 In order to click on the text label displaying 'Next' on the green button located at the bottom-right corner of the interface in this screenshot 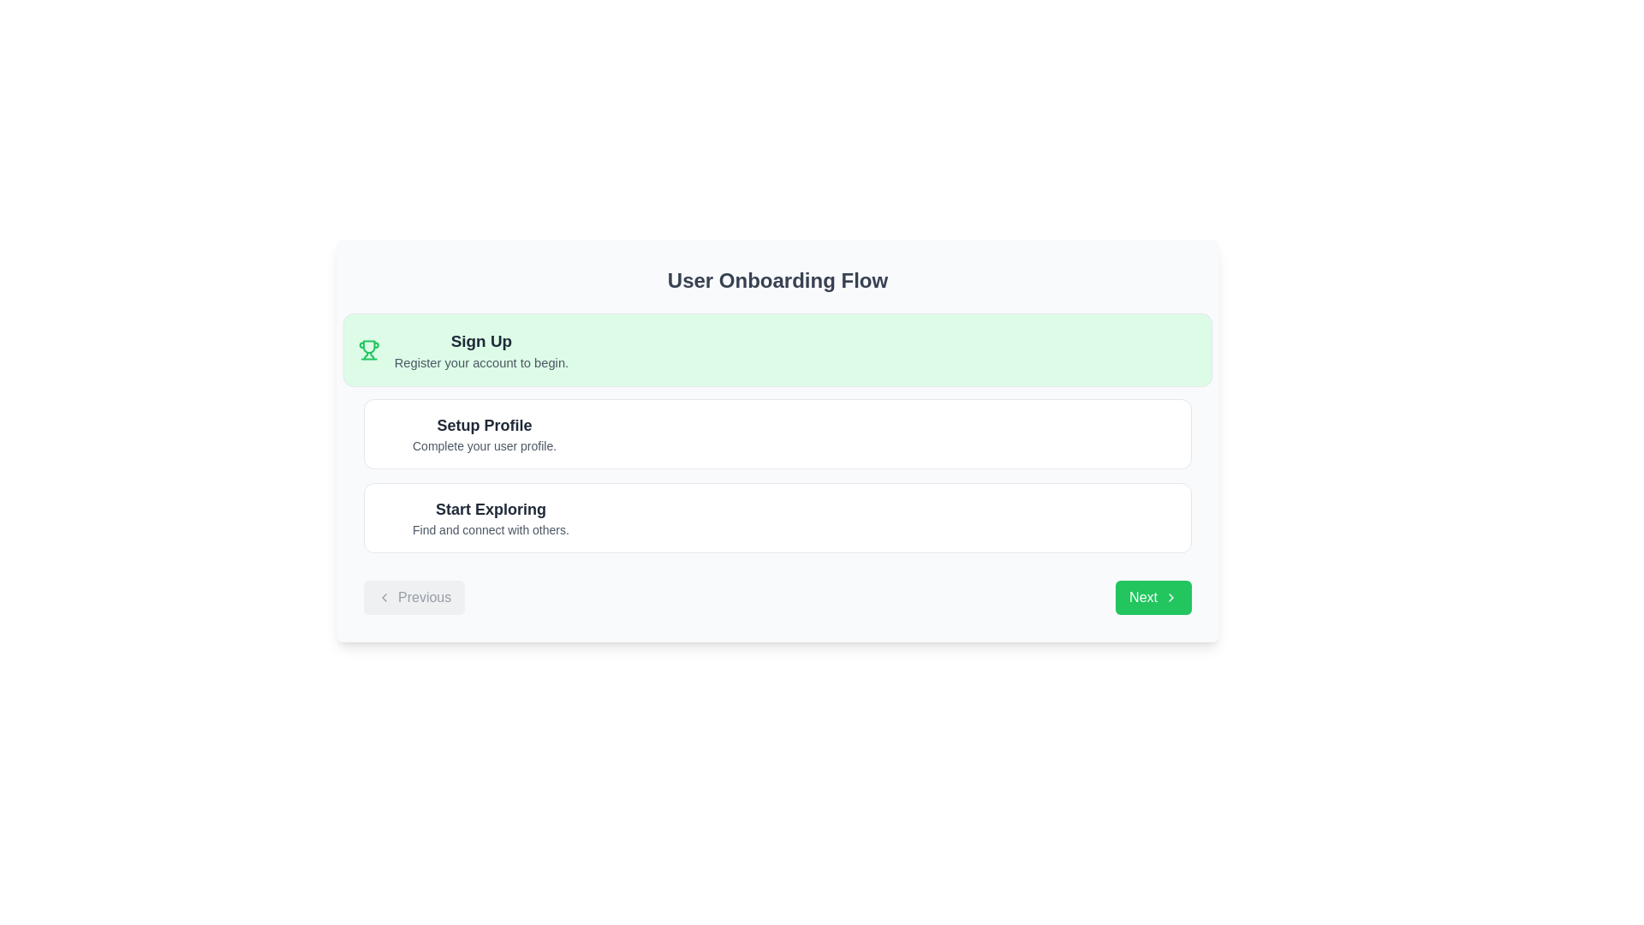, I will do `click(1143, 597)`.